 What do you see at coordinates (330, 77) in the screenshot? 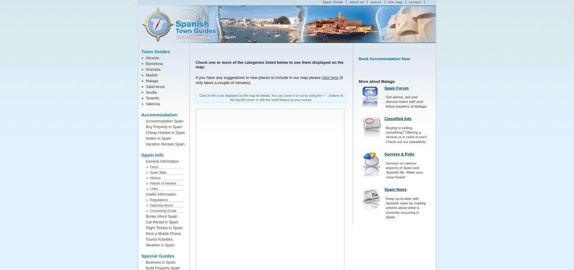
I see `'click here'` at bounding box center [330, 77].